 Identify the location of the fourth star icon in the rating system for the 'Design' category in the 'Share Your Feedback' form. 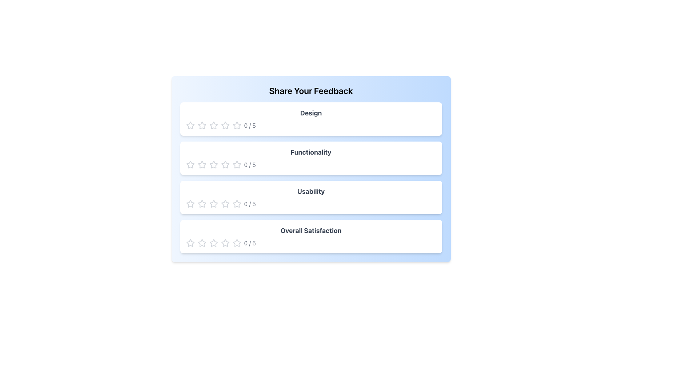
(225, 125).